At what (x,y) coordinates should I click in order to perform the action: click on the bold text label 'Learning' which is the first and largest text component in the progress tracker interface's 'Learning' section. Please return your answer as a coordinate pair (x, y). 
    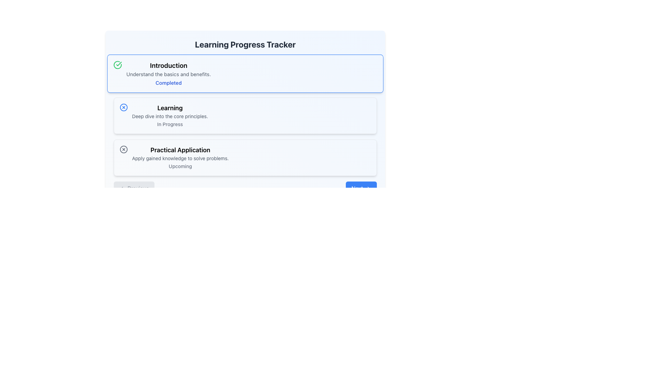
    Looking at the image, I should click on (170, 108).